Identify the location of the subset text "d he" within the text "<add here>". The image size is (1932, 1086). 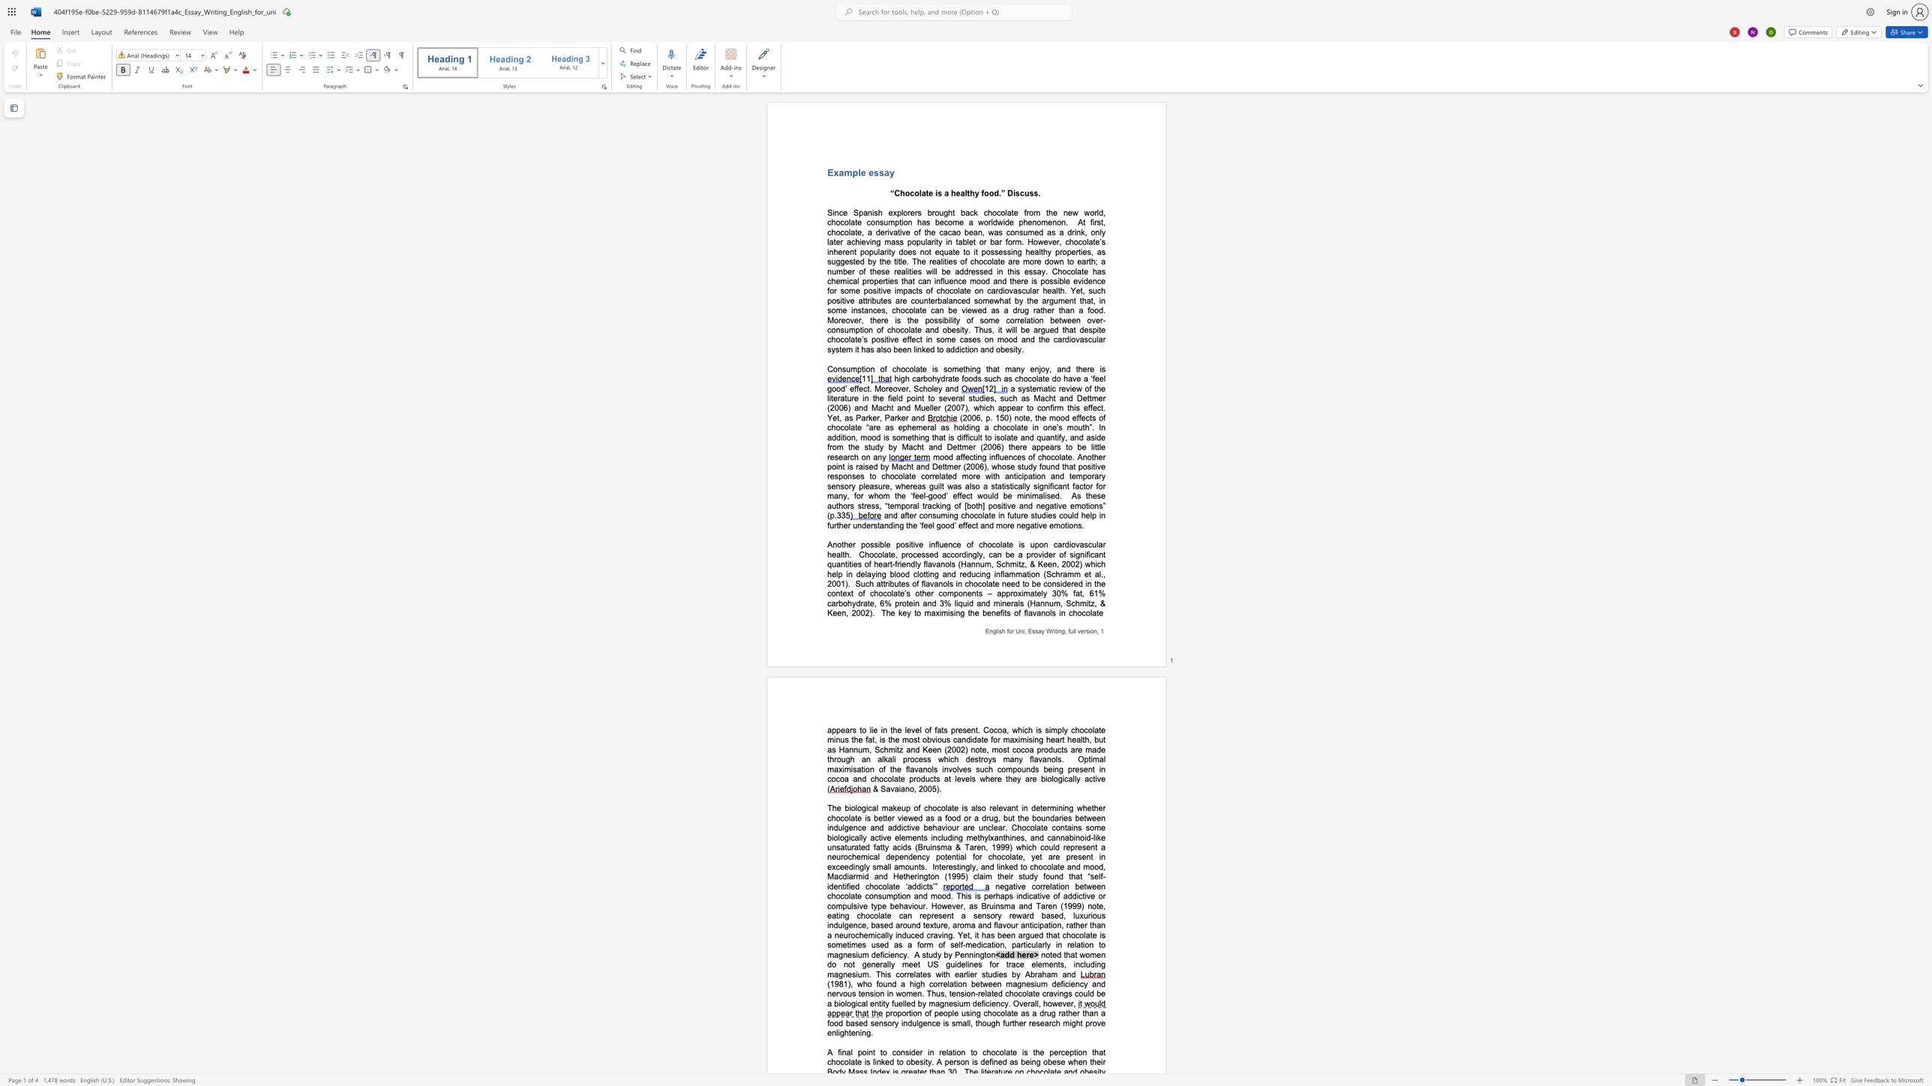
(1009, 954).